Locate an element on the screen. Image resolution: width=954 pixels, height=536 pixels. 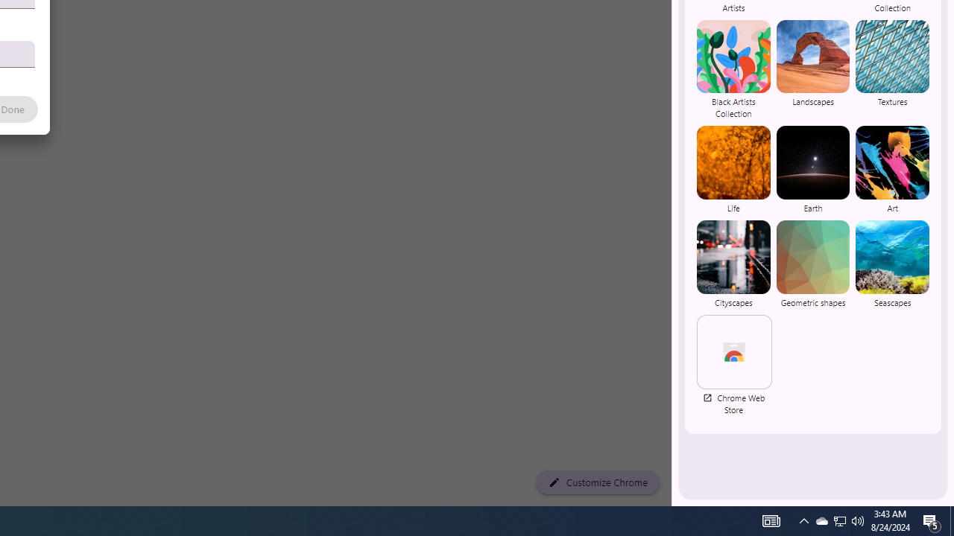
' Chrome Web Store' is located at coordinates (733, 366).